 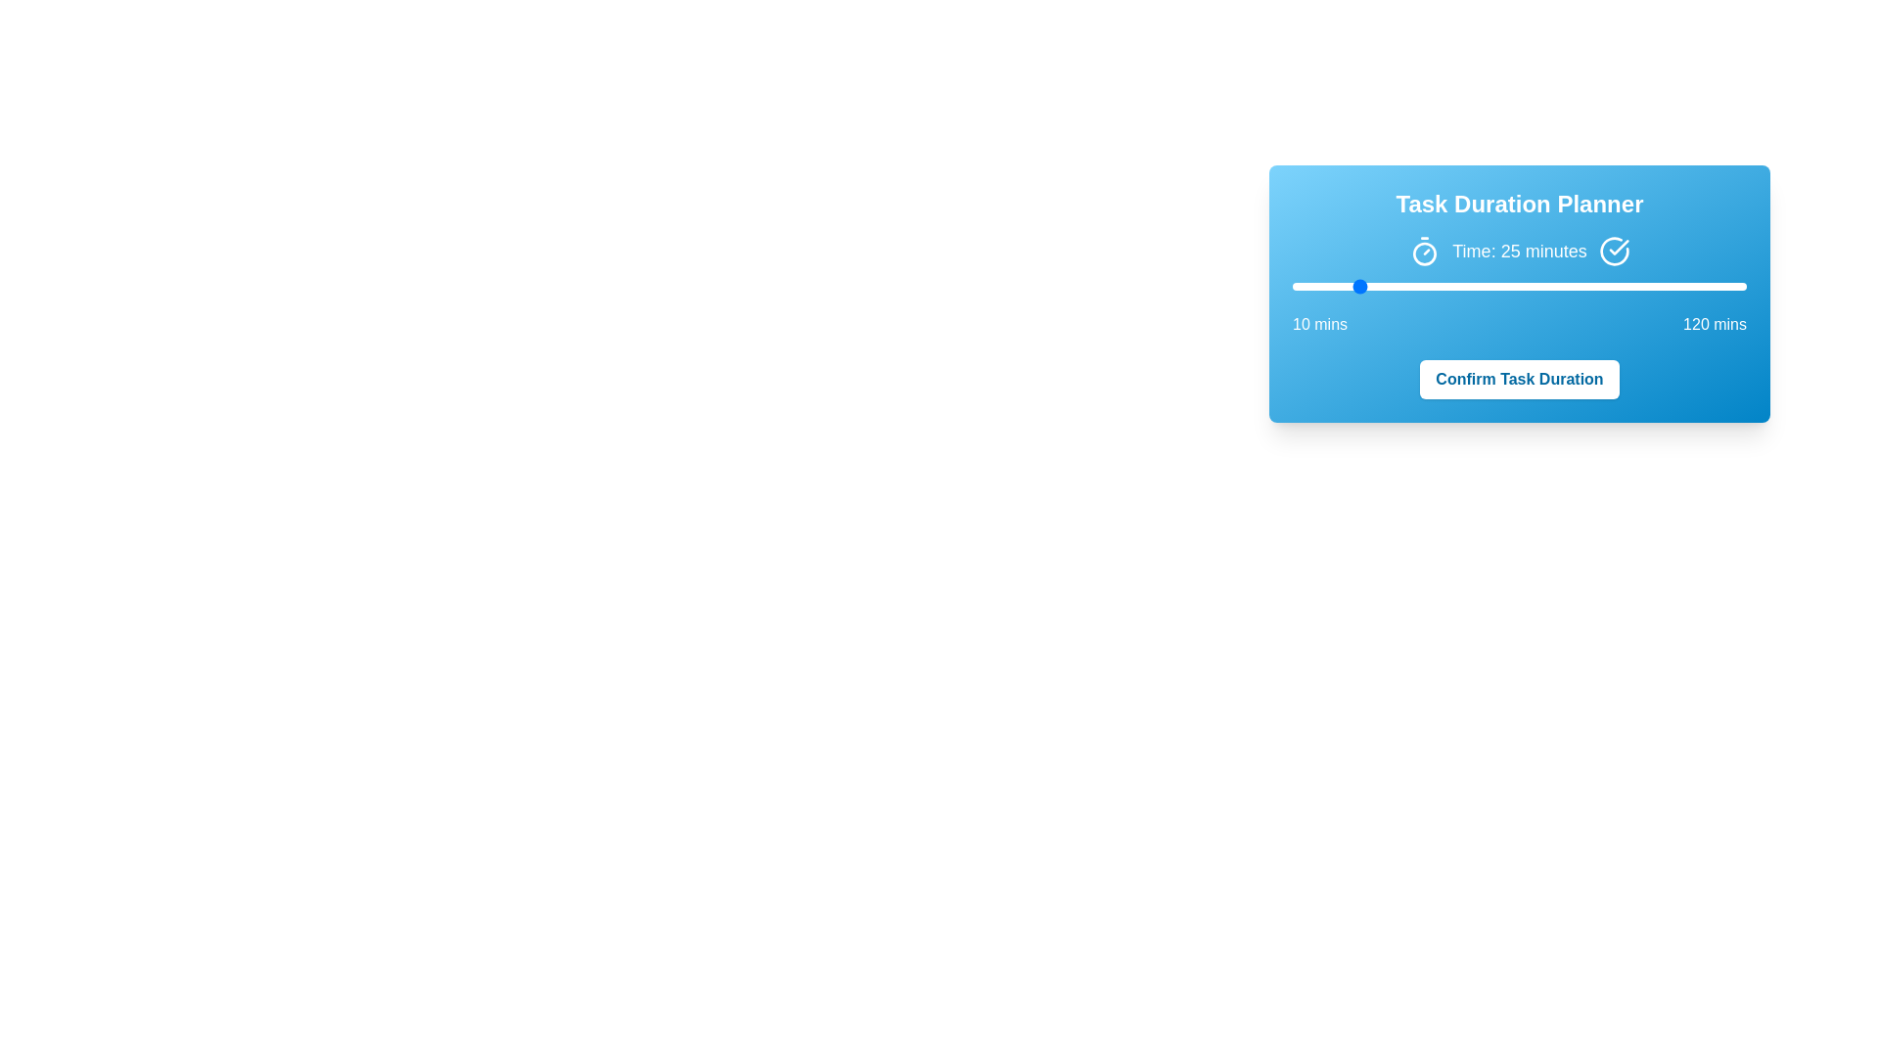 What do you see at coordinates (1675, 287) in the screenshot?
I see `the slider to a specific value 103 within the range of 10 to 120 minutes` at bounding box center [1675, 287].